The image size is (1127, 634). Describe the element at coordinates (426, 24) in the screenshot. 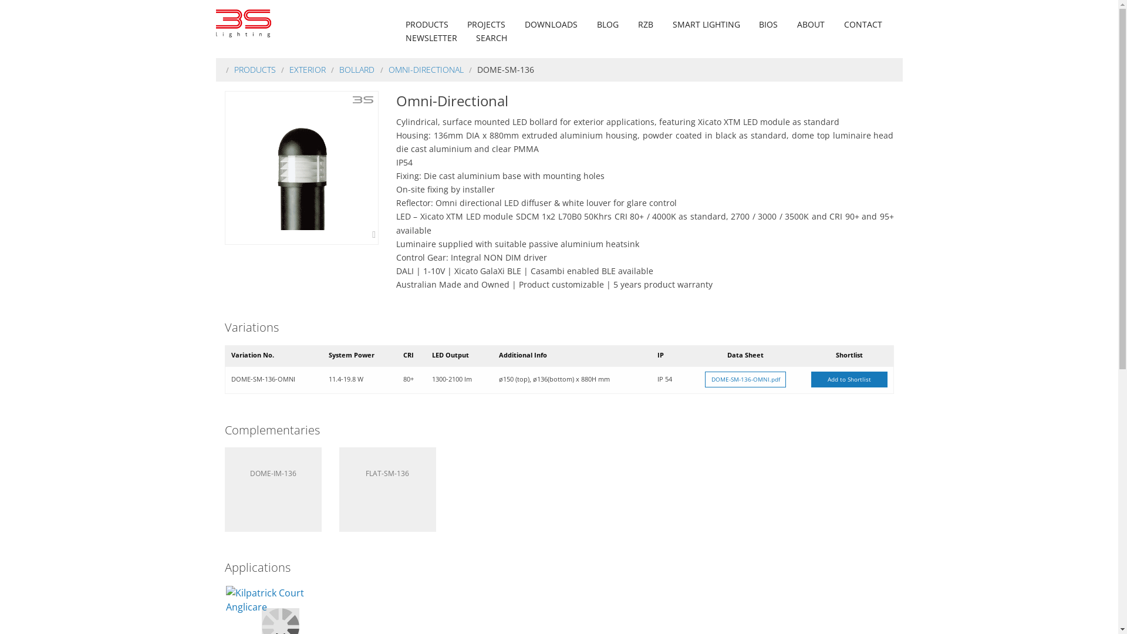

I see `'PRODUCTS'` at that location.